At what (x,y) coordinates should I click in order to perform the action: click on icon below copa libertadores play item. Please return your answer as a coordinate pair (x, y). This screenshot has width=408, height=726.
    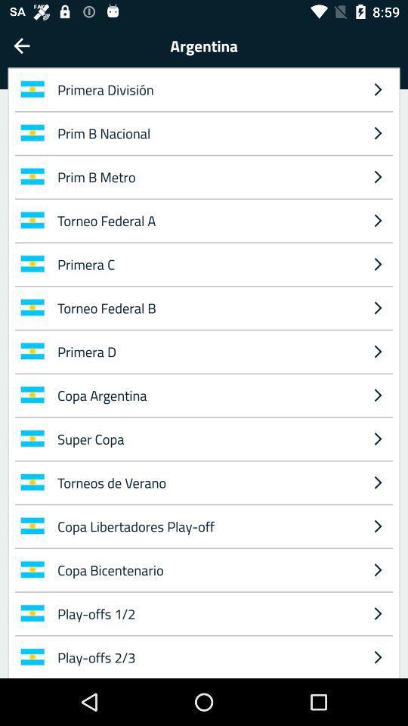
    Looking at the image, I should click on (206, 569).